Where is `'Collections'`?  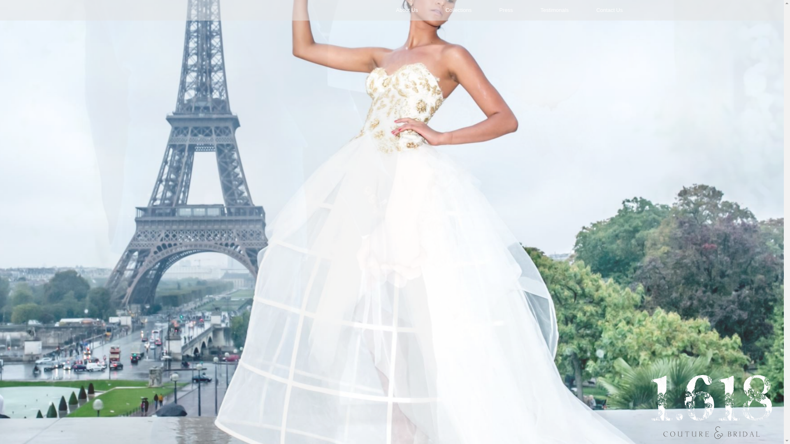 'Collections' is located at coordinates (458, 10).